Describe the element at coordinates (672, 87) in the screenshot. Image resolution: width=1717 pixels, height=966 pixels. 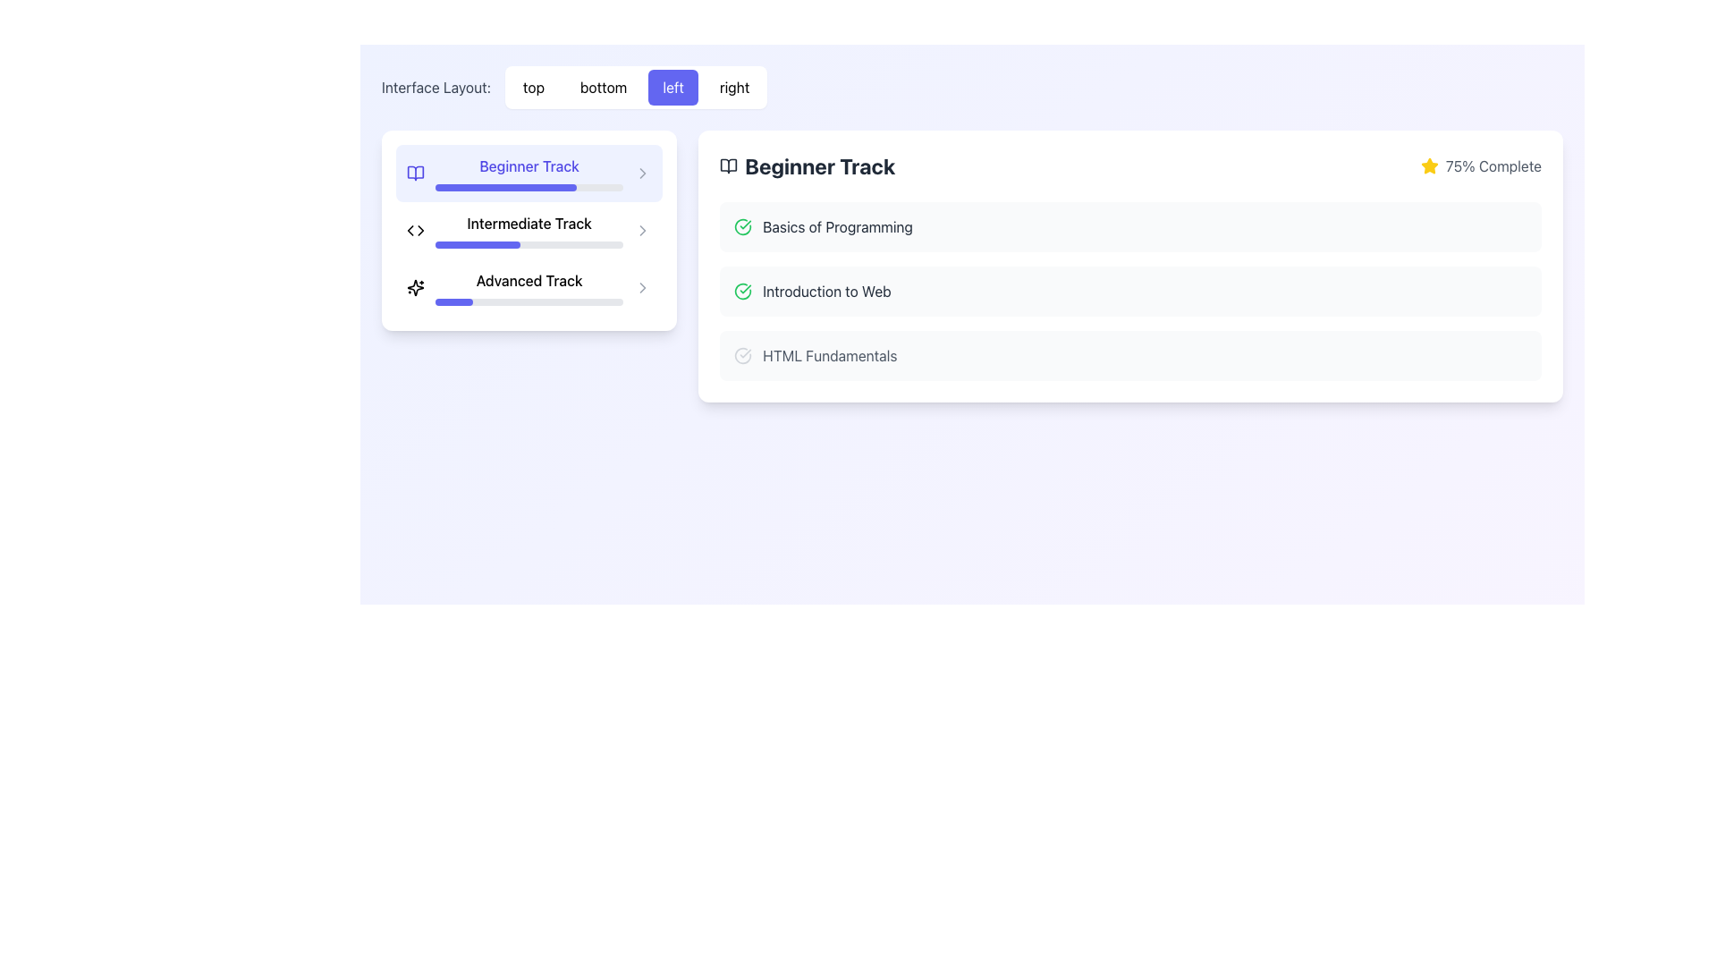
I see `the indigo button with white text reading 'left'` at that location.